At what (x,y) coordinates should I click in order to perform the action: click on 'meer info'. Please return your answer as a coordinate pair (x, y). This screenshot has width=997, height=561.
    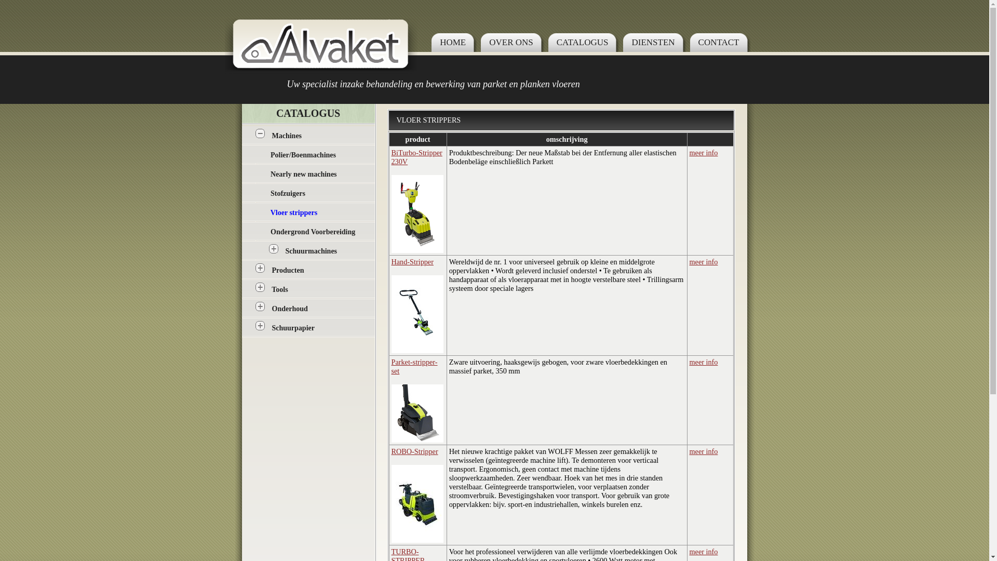
    Looking at the image, I should click on (704, 152).